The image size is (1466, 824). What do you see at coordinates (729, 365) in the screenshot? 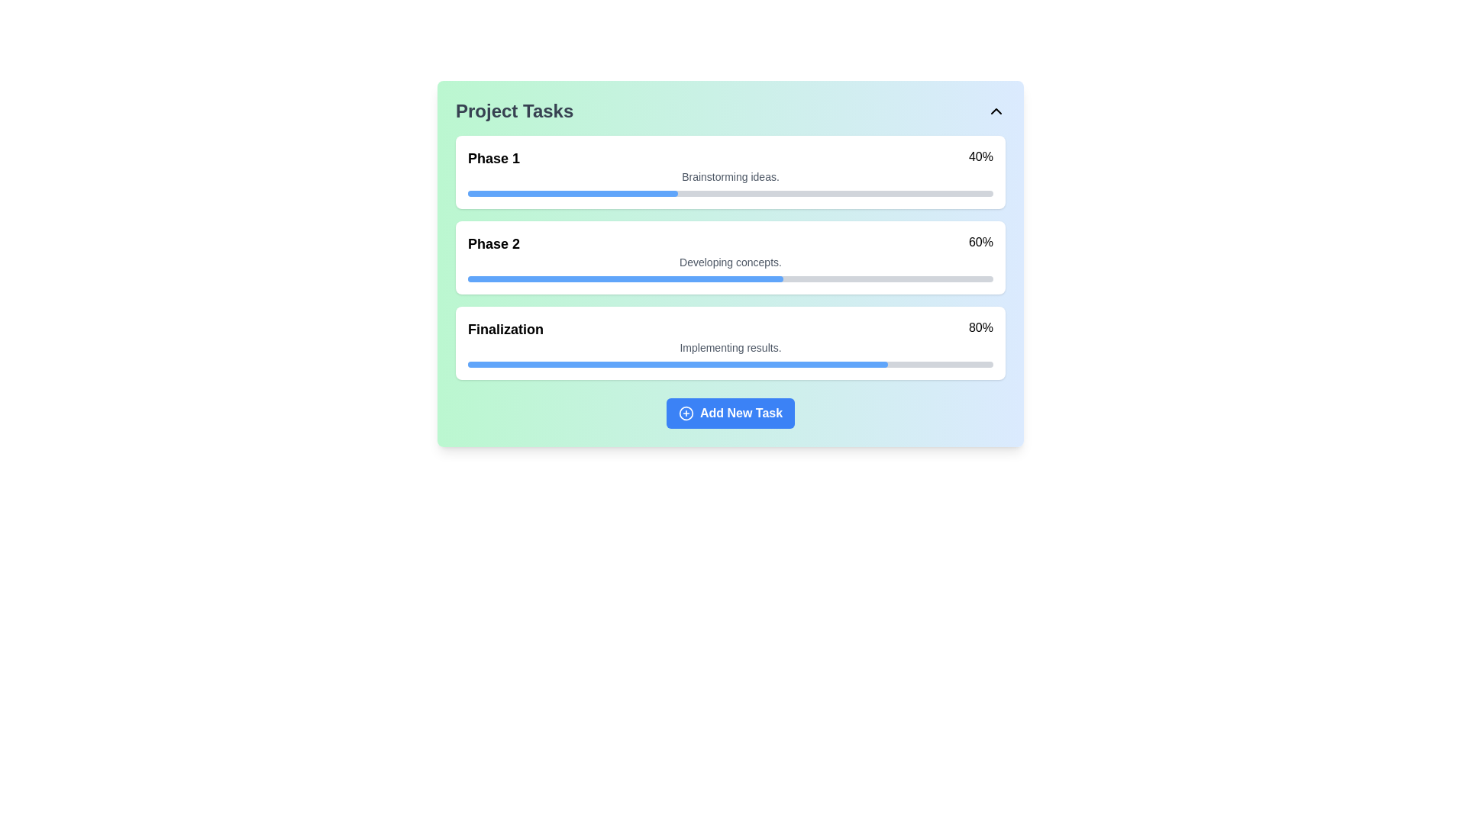
I see `the rectangular progress indicator in the 'Finalization' section, located under the text 'Implementing results.'` at bounding box center [729, 365].